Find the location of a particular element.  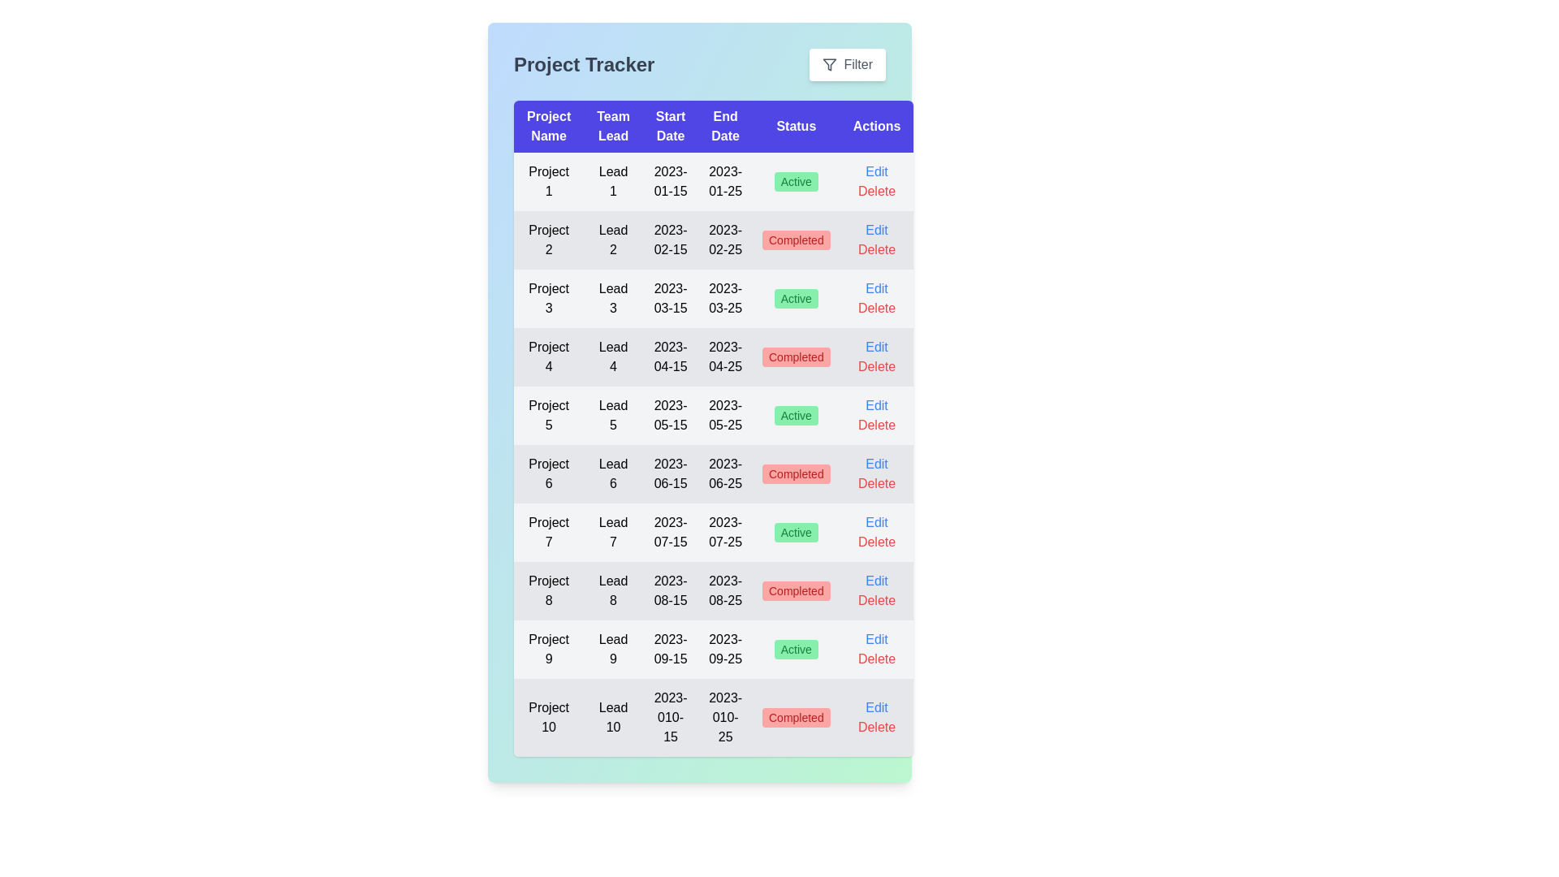

the column header corresponding to Actions to sort by that column is located at coordinates (876, 125).